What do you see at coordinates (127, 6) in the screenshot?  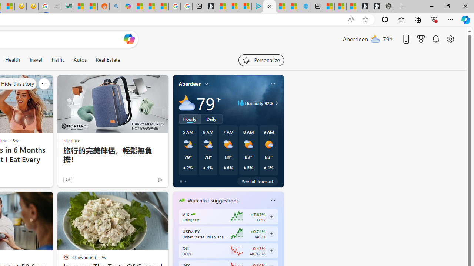 I see `'Microsoft Copilot in Bing'` at bounding box center [127, 6].